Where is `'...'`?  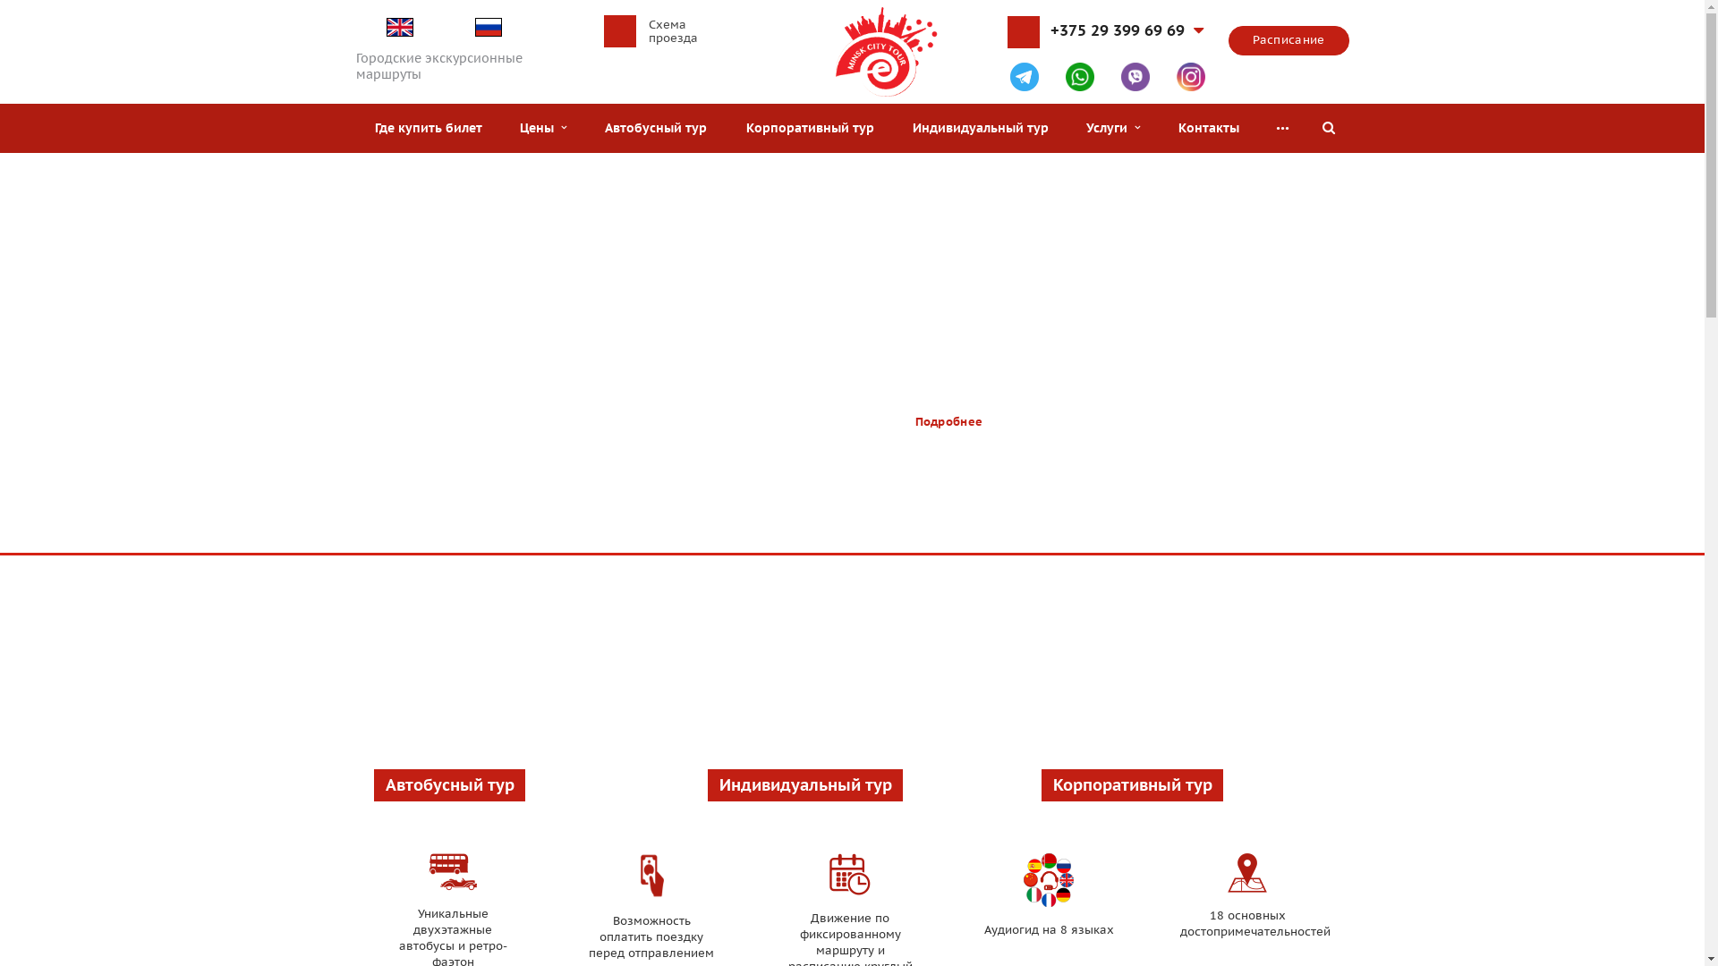 '...' is located at coordinates (1281, 127).